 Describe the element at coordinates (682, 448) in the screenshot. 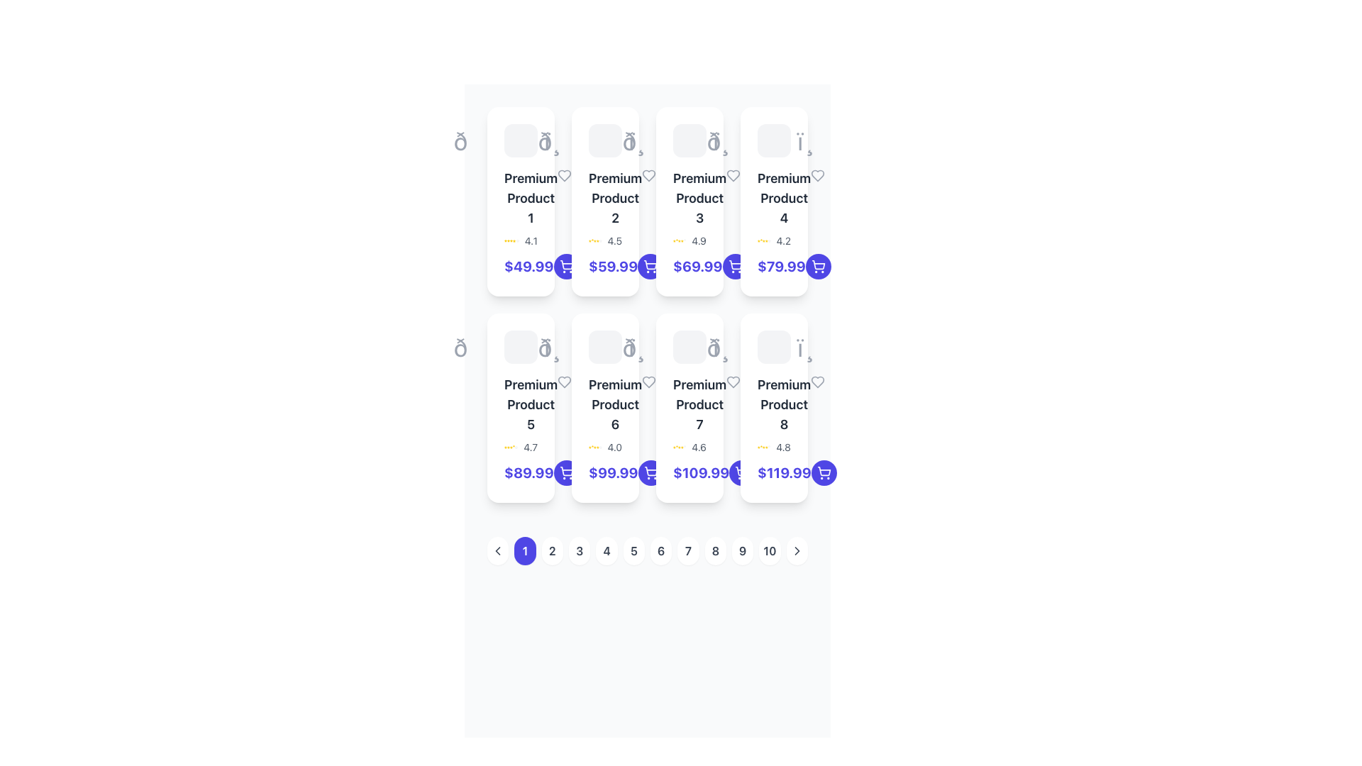

I see `the fifth star icon in the rating system for 'Premium Product 7', which indicates a rating of 4.6 out of 5 stars` at that location.